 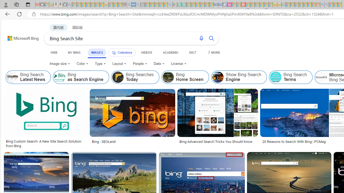 What do you see at coordinates (60, 63) in the screenshot?
I see `'Image size'` at bounding box center [60, 63].